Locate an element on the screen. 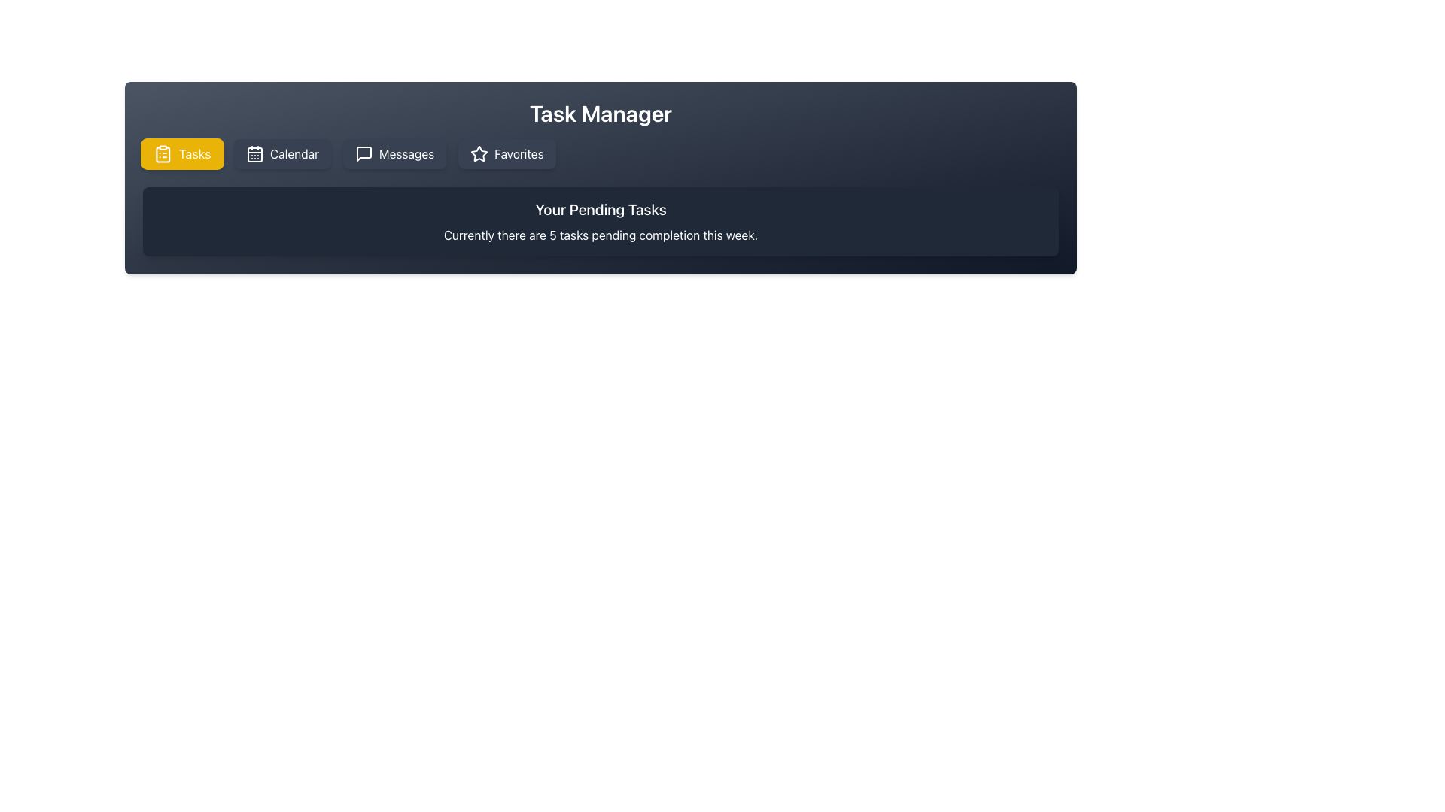 This screenshot has width=1445, height=812. the SVG icon representing a speech bubble in the navigation menu is located at coordinates (364, 153).